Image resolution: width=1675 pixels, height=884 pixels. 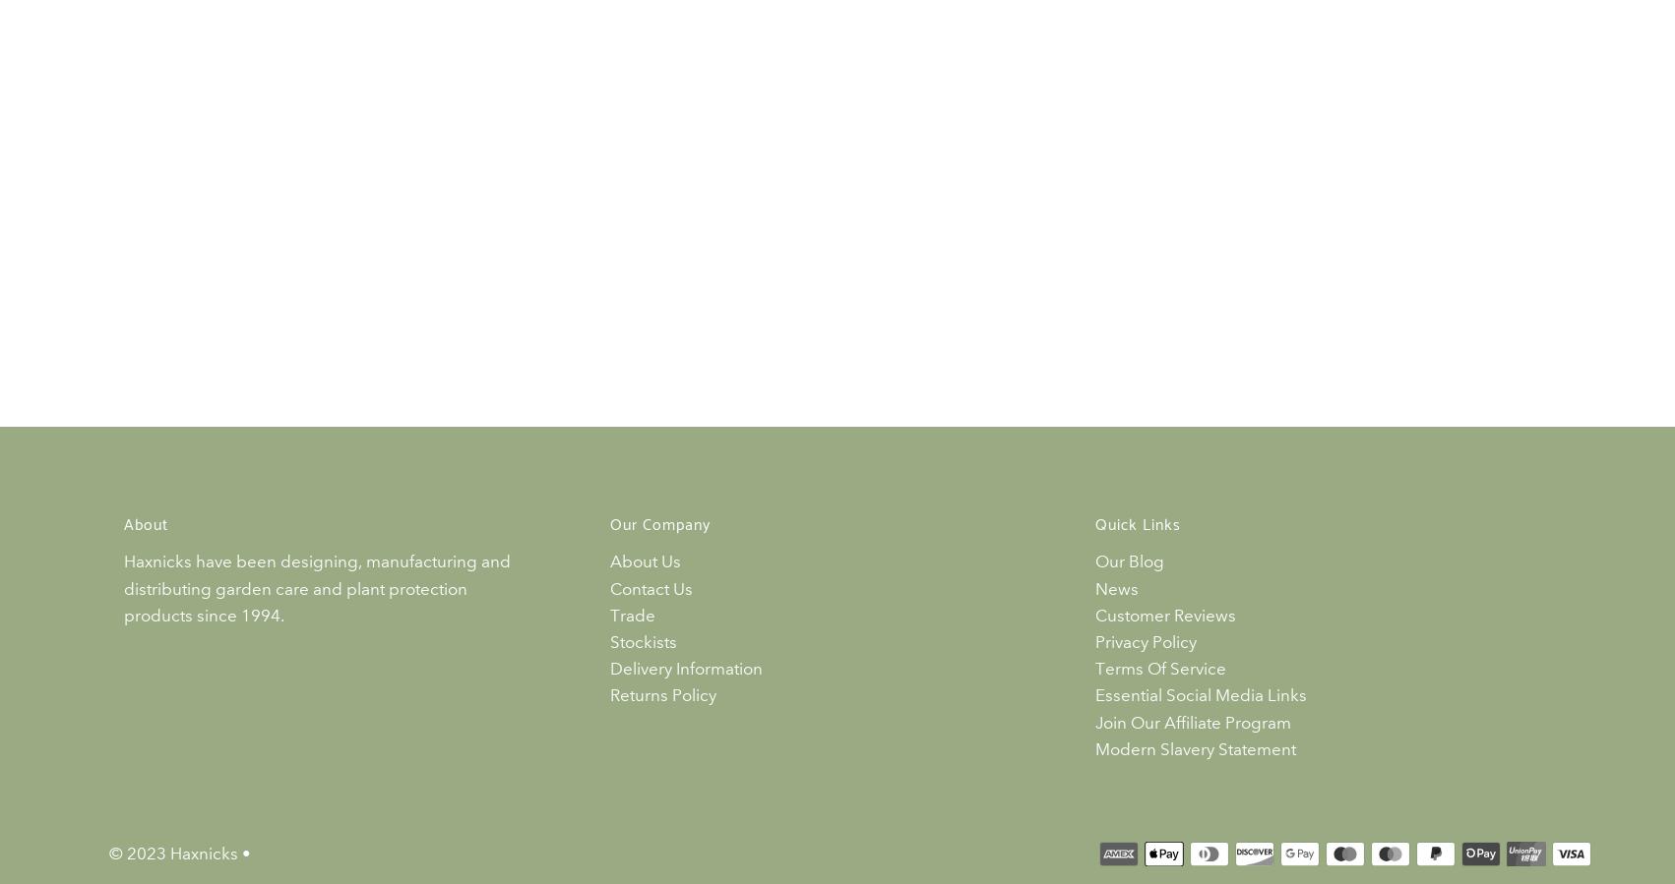 I want to click on 'About', so click(x=145, y=525).